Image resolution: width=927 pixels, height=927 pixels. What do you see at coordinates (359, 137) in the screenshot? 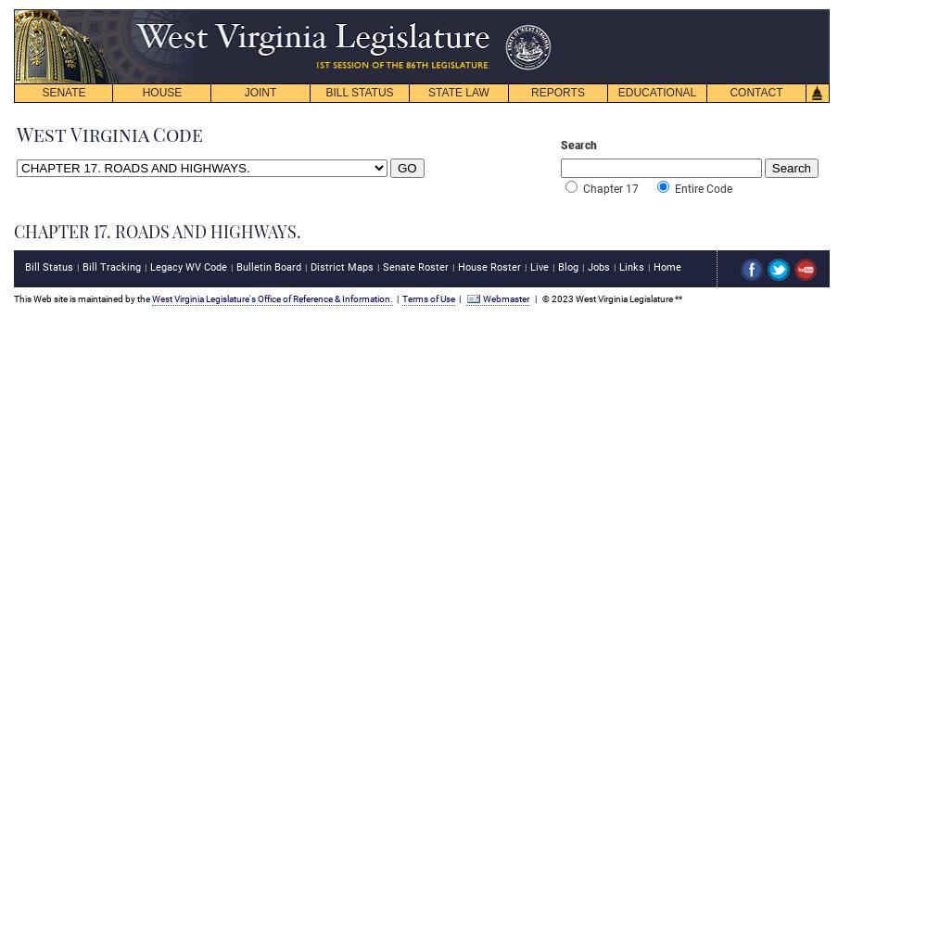
I see `'BILL TRACKING'` at bounding box center [359, 137].